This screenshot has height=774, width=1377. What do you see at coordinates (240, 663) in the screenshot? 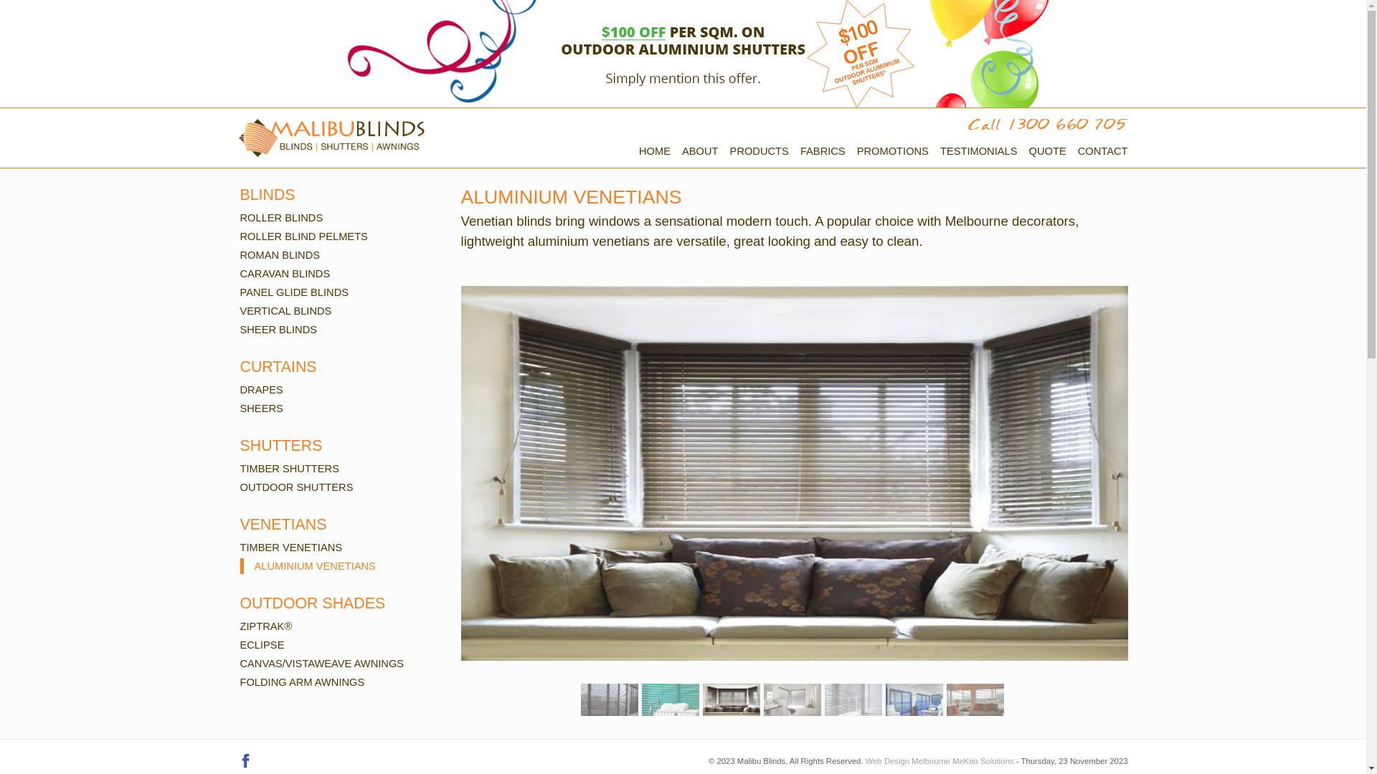
I see `'CANVAS/VISTAWEAVE AWNINGS'` at bounding box center [240, 663].